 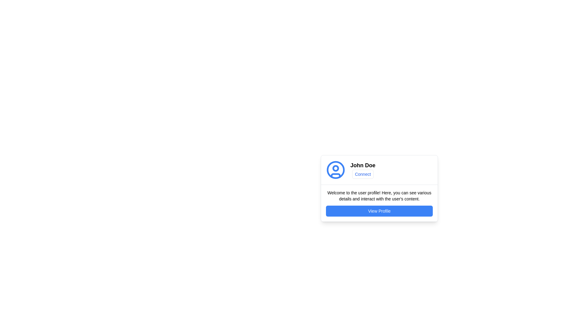 What do you see at coordinates (379, 196) in the screenshot?
I see `text label that provides a brief introduction or description of the user's profile, located in the lower half of the card interface above the 'View Profile' button` at bounding box center [379, 196].